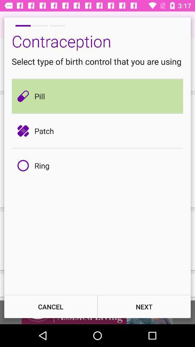 This screenshot has width=195, height=347. What do you see at coordinates (50, 306) in the screenshot?
I see `the cancel` at bounding box center [50, 306].